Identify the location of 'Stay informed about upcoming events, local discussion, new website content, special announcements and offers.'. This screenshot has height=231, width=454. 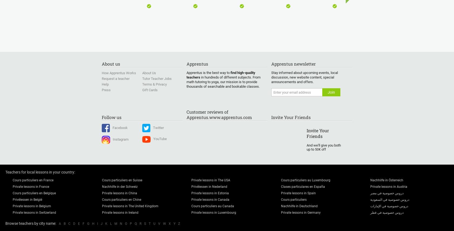
(304, 77).